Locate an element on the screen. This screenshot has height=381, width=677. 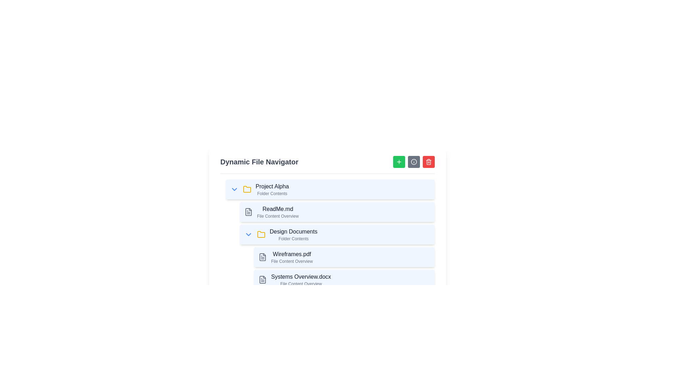
the file entry item labeled 'Wireframes.pdf' is located at coordinates (327, 268).